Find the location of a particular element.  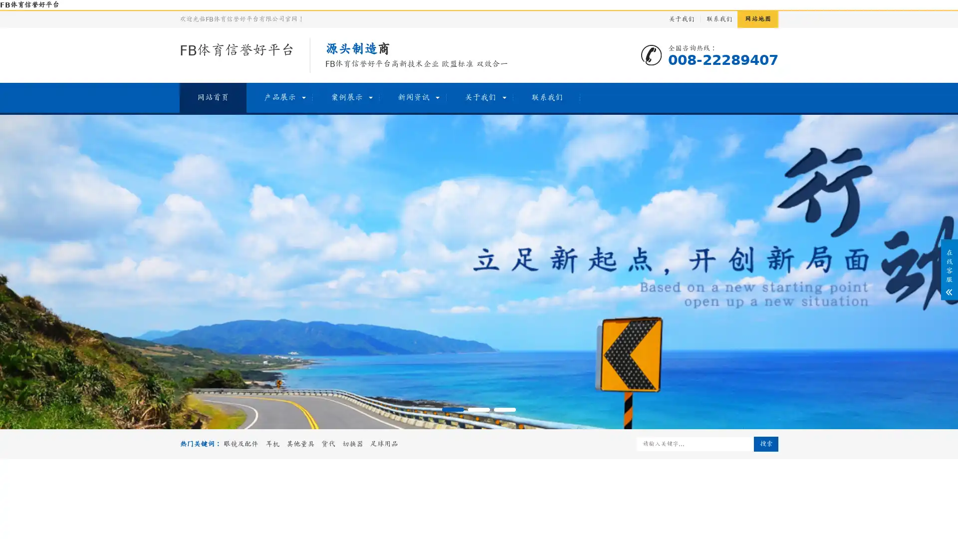

Go to slide 2 is located at coordinates (479, 410).